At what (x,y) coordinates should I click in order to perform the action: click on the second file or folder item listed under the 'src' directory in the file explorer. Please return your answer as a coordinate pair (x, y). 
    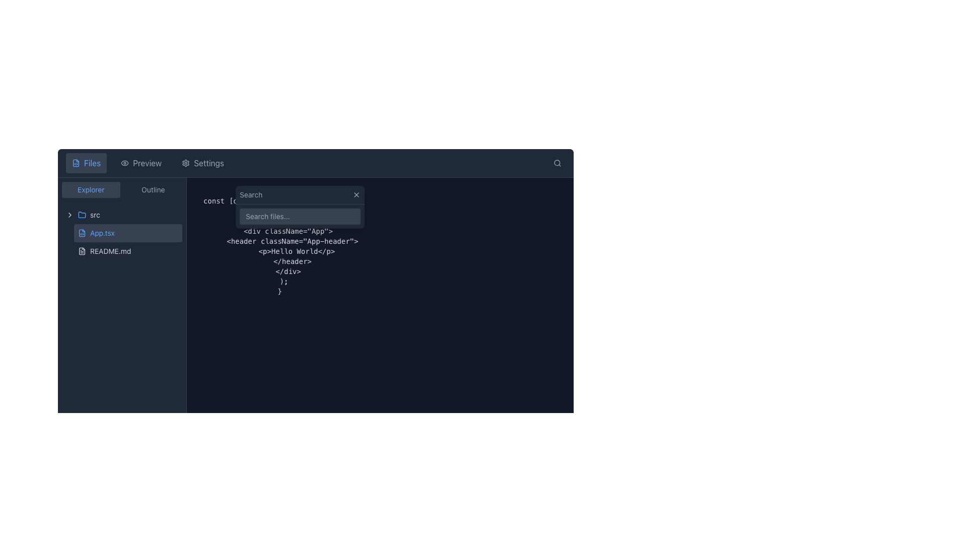
    Looking at the image, I should click on (127, 242).